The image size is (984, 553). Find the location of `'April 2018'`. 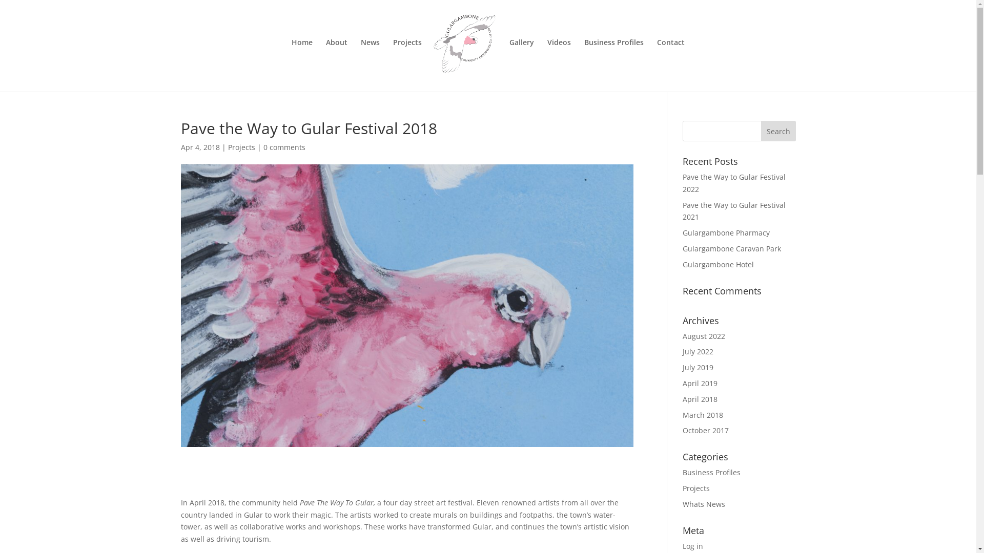

'April 2018' is located at coordinates (700, 398).